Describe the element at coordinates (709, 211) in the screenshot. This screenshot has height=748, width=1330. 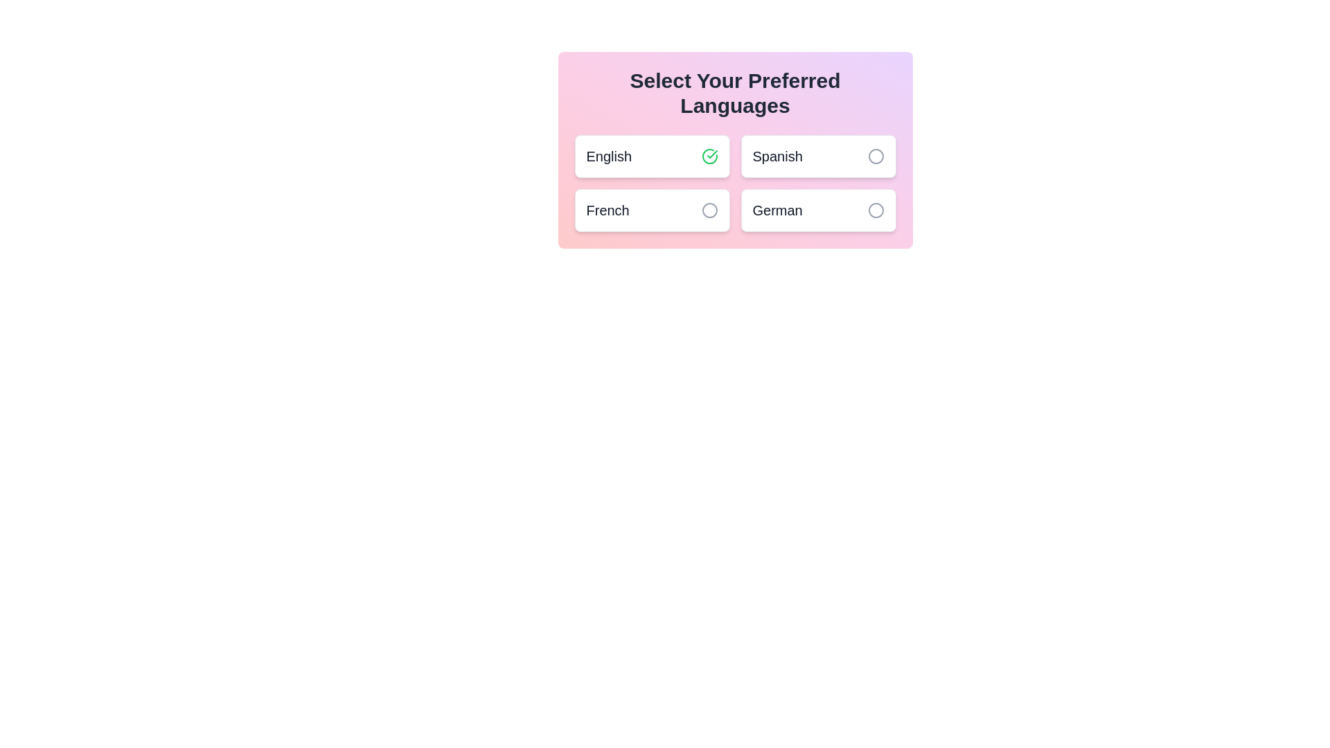
I see `the language French by clicking its associated button` at that location.